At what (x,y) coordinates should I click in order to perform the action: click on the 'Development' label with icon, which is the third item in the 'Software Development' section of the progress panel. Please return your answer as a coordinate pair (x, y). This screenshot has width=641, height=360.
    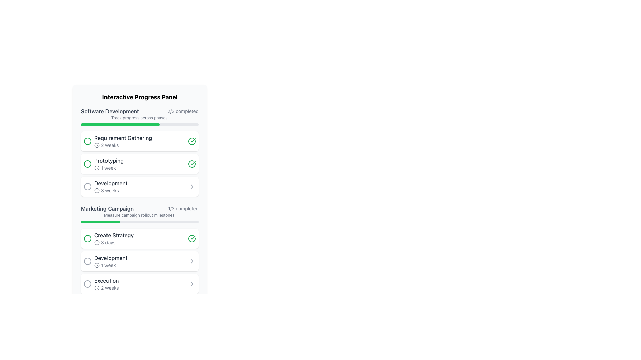
    Looking at the image, I should click on (105, 186).